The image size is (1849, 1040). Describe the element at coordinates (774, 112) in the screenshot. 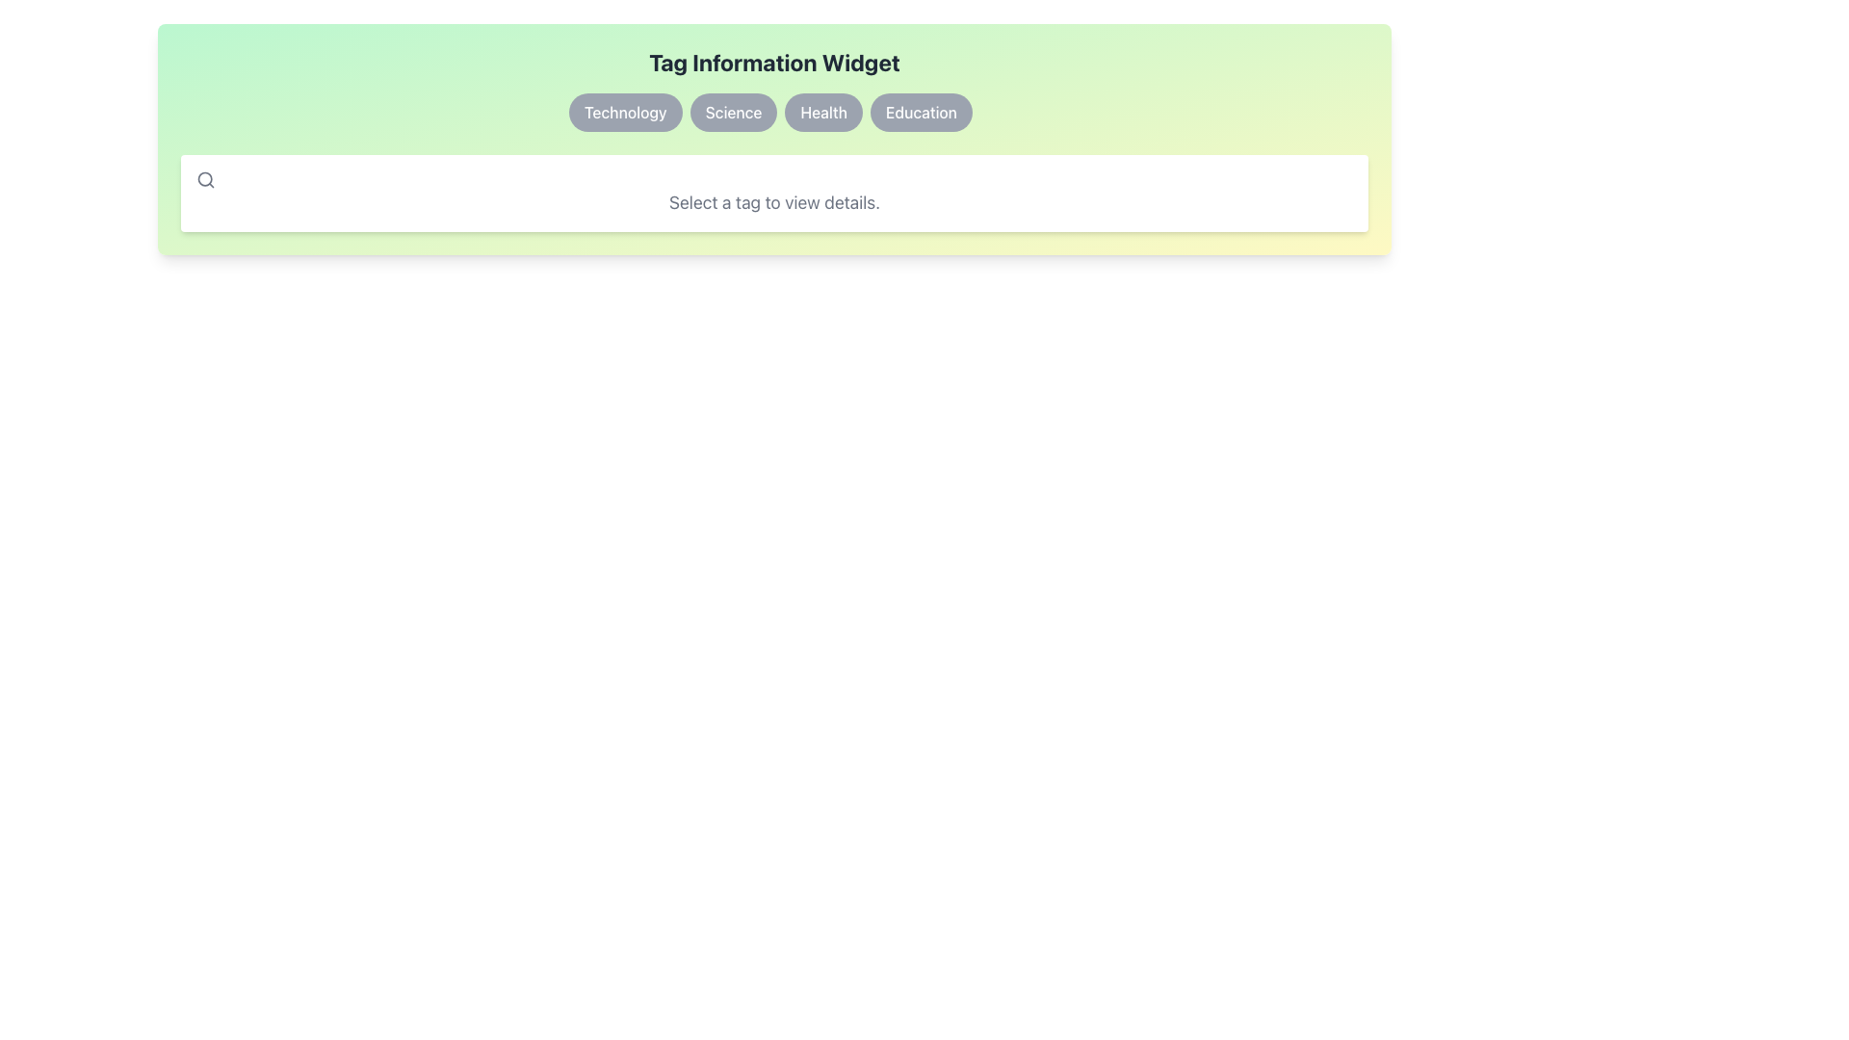

I see `the 'Science' tag button, which is part of a group of interactive tag buttons with grey background and white text, located below the header 'Tag Information Widget'` at that location.